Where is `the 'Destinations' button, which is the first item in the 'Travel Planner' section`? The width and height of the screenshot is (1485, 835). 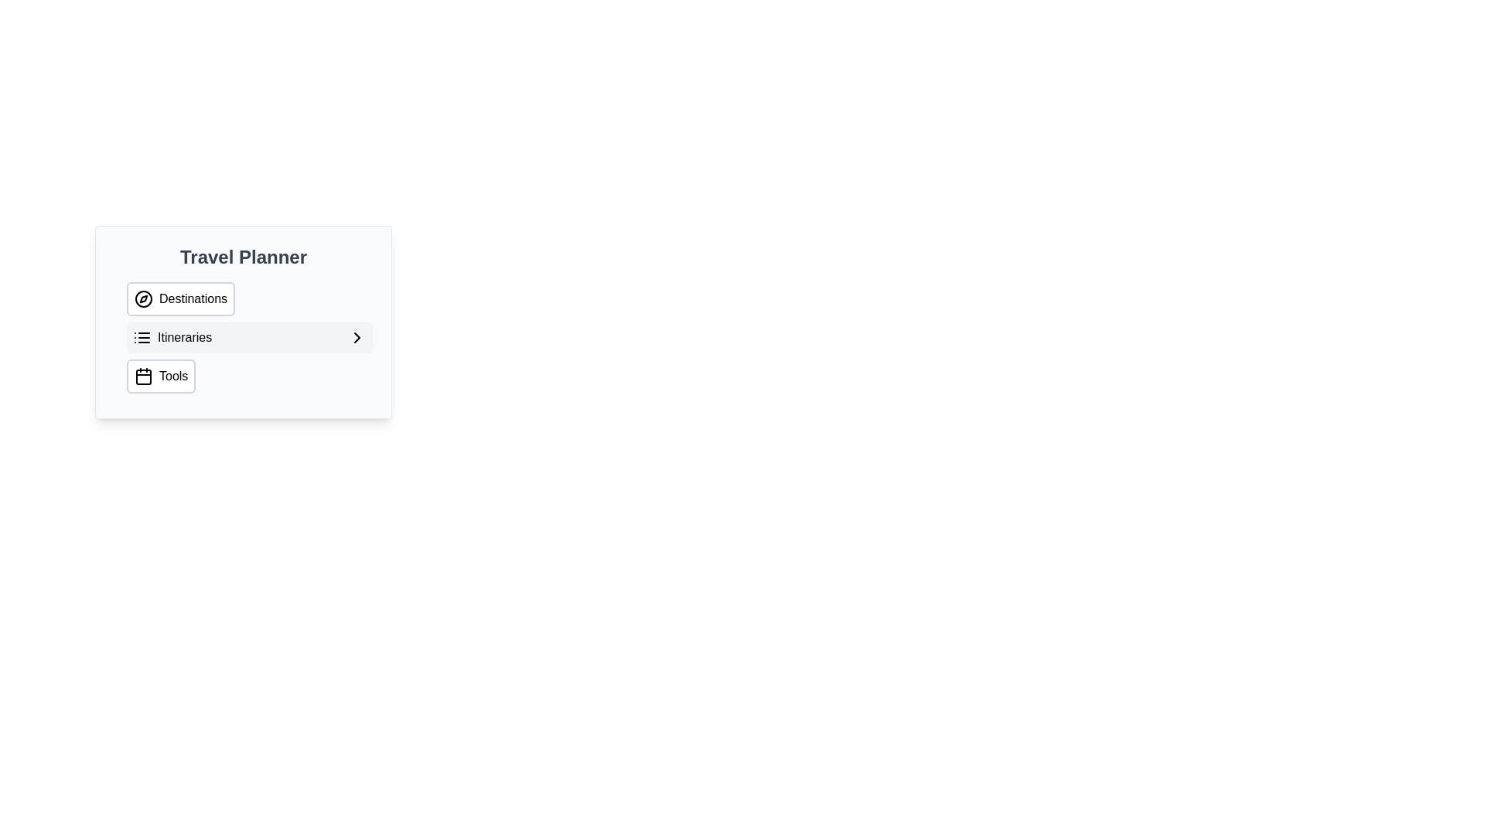 the 'Destinations' button, which is the first item in the 'Travel Planner' section is located at coordinates (181, 298).